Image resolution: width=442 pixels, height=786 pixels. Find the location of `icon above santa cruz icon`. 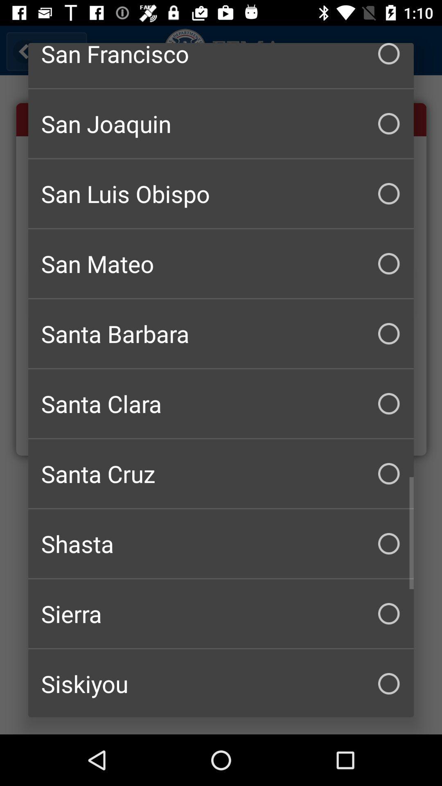

icon above santa cruz icon is located at coordinates (221, 404).